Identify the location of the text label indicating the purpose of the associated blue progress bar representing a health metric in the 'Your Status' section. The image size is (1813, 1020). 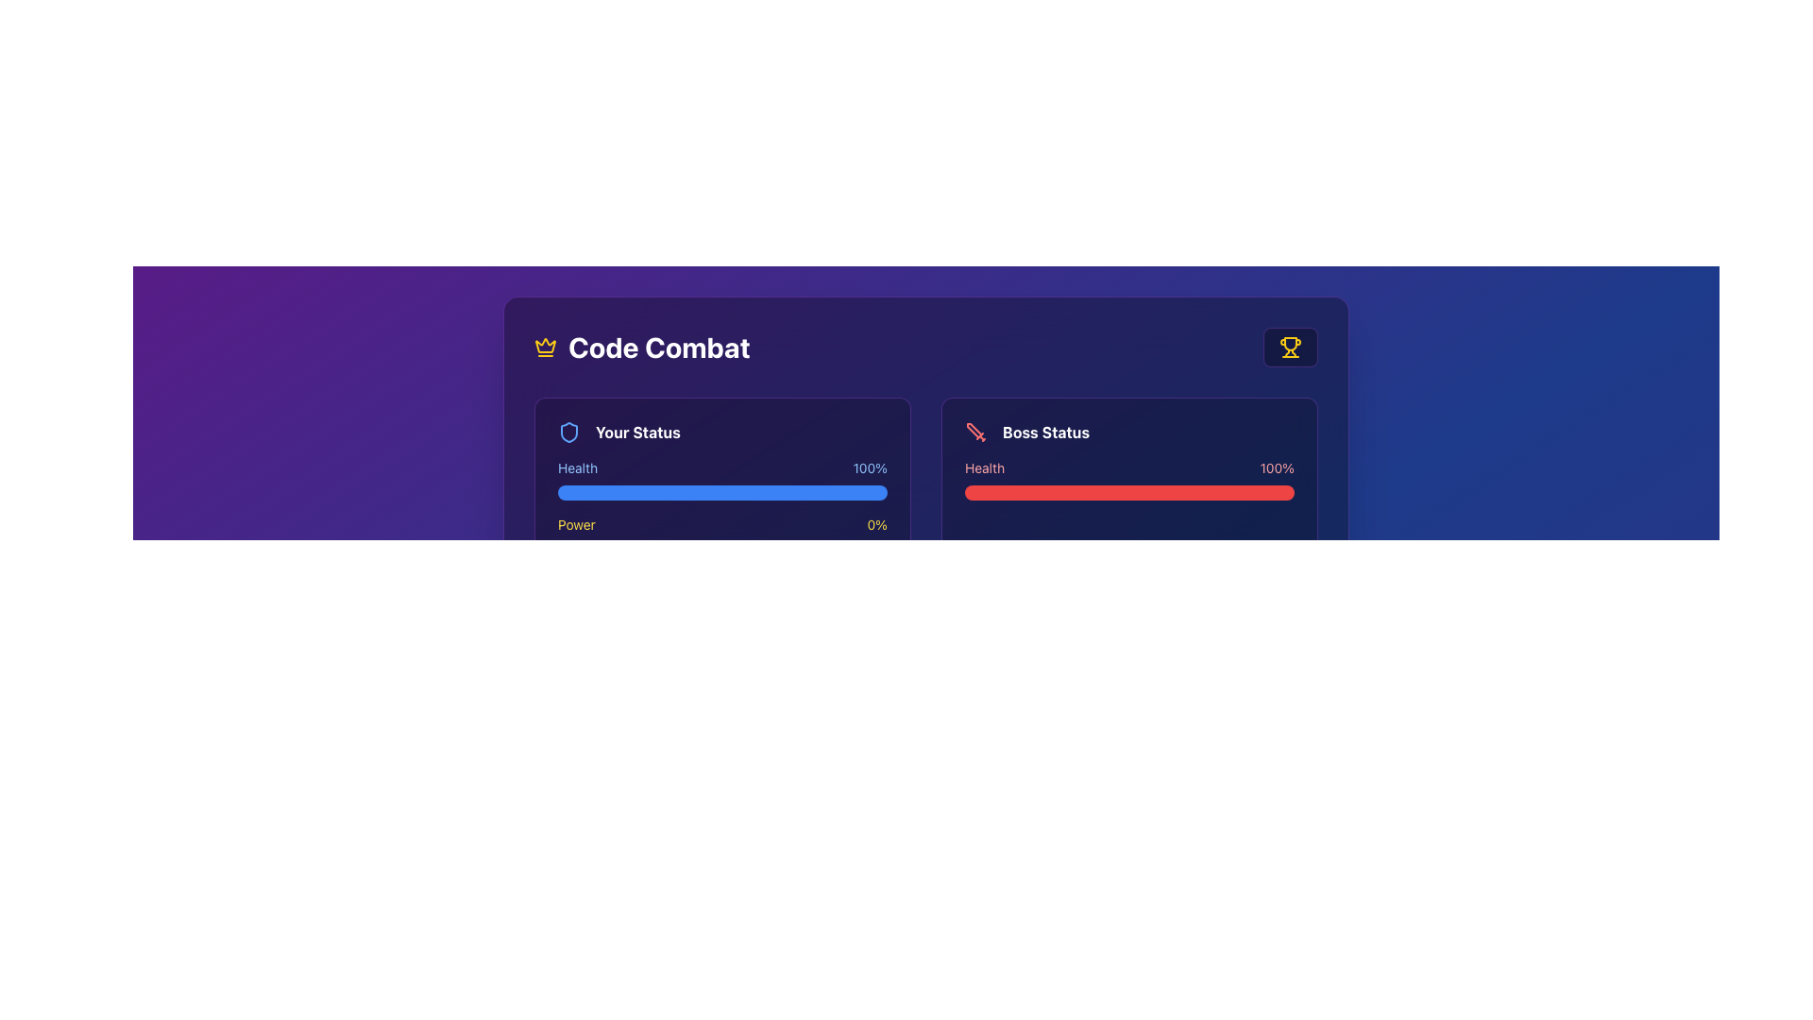
(577, 467).